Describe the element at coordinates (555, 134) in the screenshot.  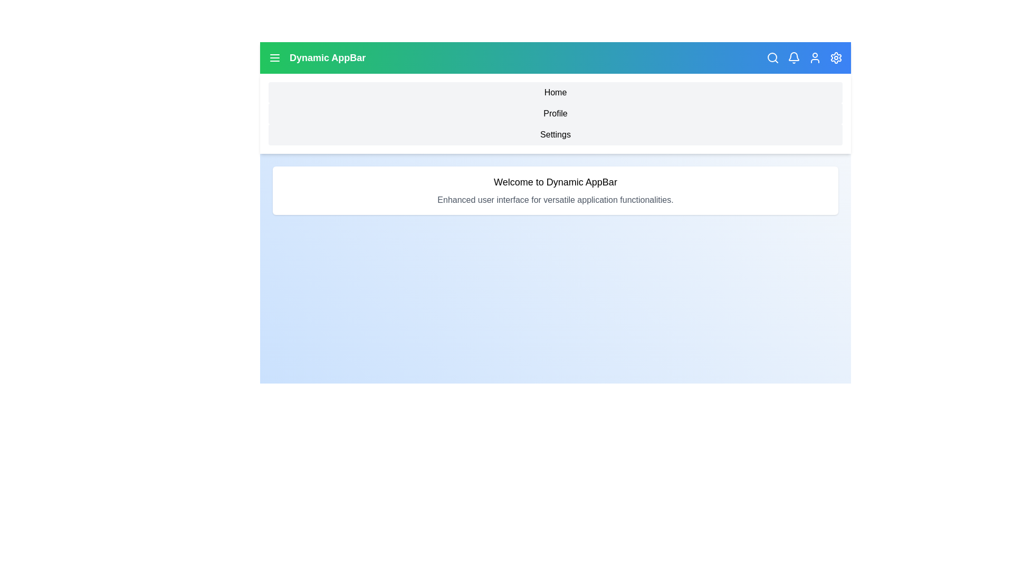
I see `the sidebar menu item labeled Settings` at that location.